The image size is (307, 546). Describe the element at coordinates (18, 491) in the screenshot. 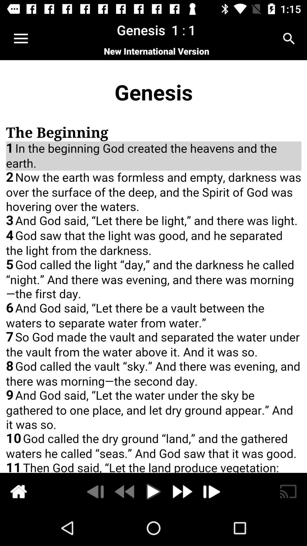

I see `the home icon` at that location.